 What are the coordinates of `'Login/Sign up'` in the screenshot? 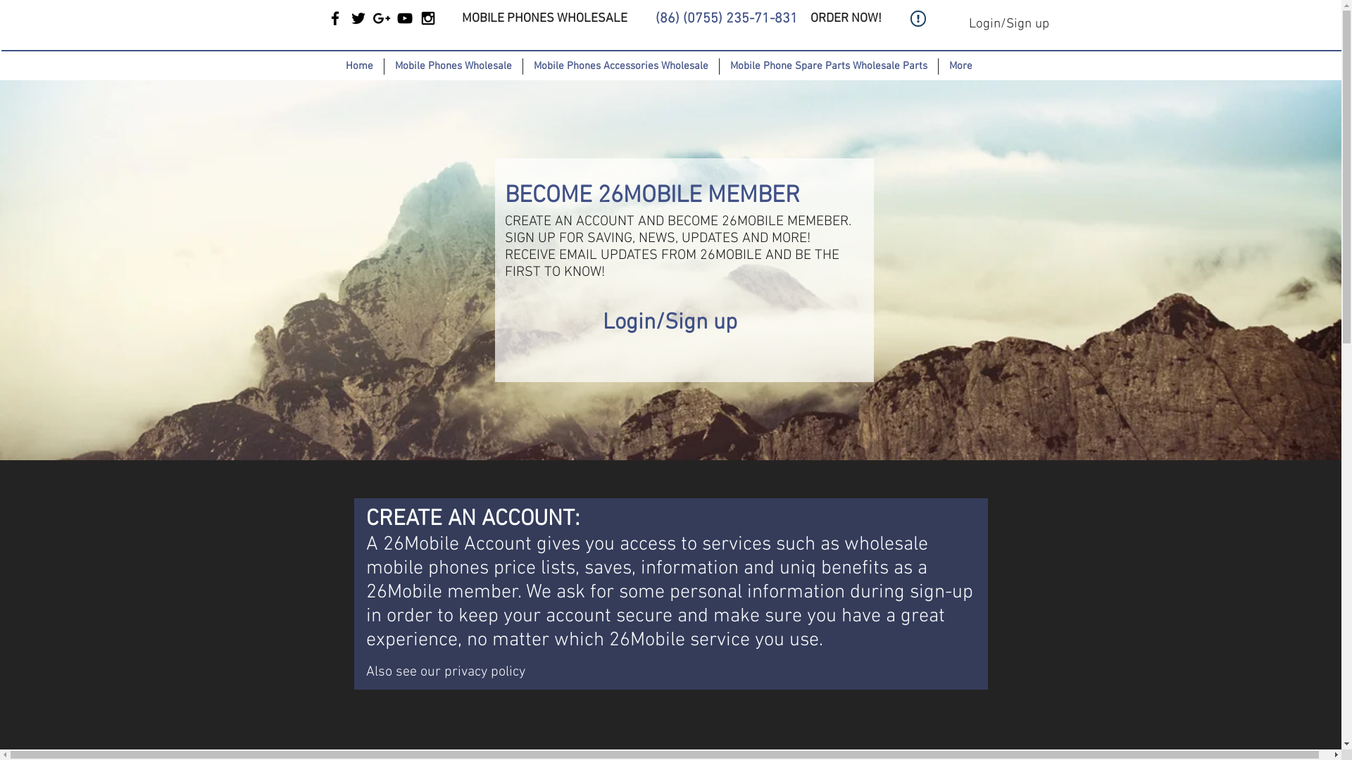 It's located at (669, 323).